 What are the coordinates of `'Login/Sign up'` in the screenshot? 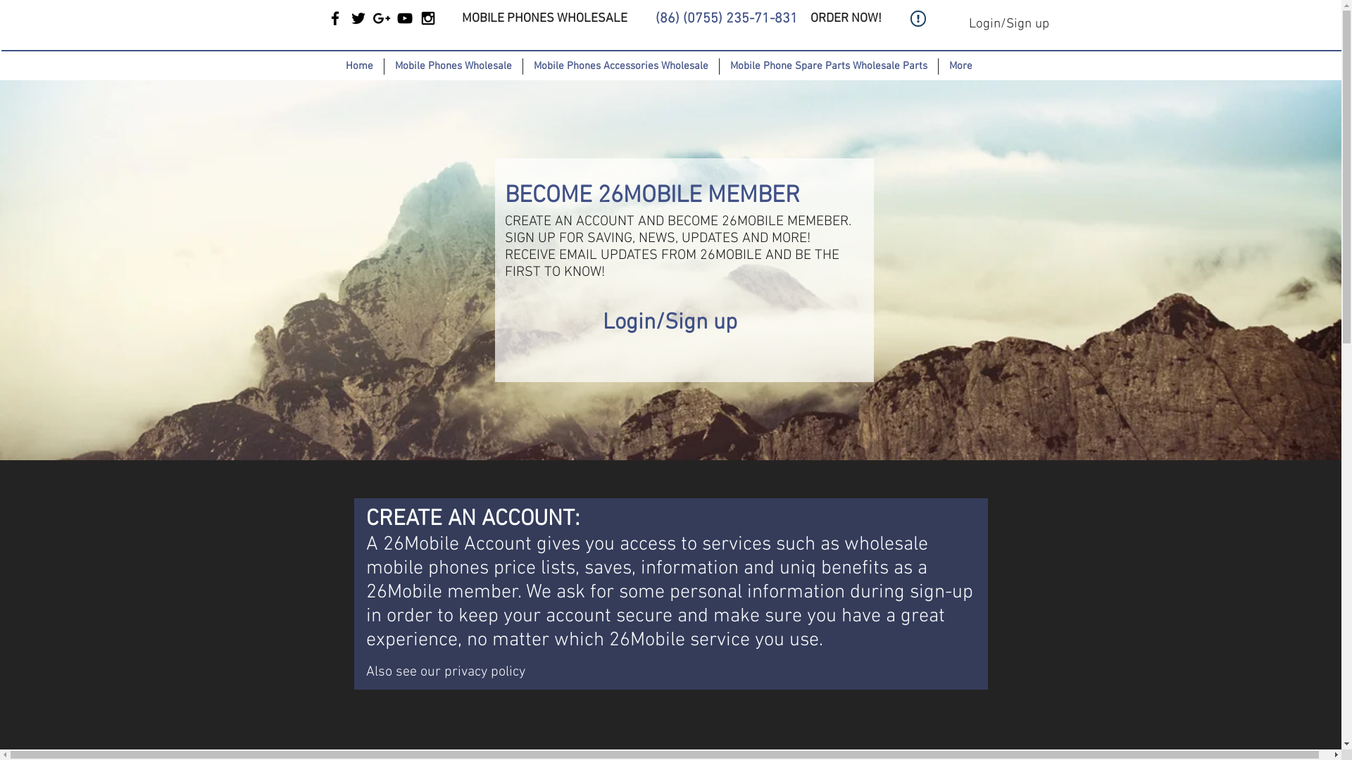 It's located at (669, 323).